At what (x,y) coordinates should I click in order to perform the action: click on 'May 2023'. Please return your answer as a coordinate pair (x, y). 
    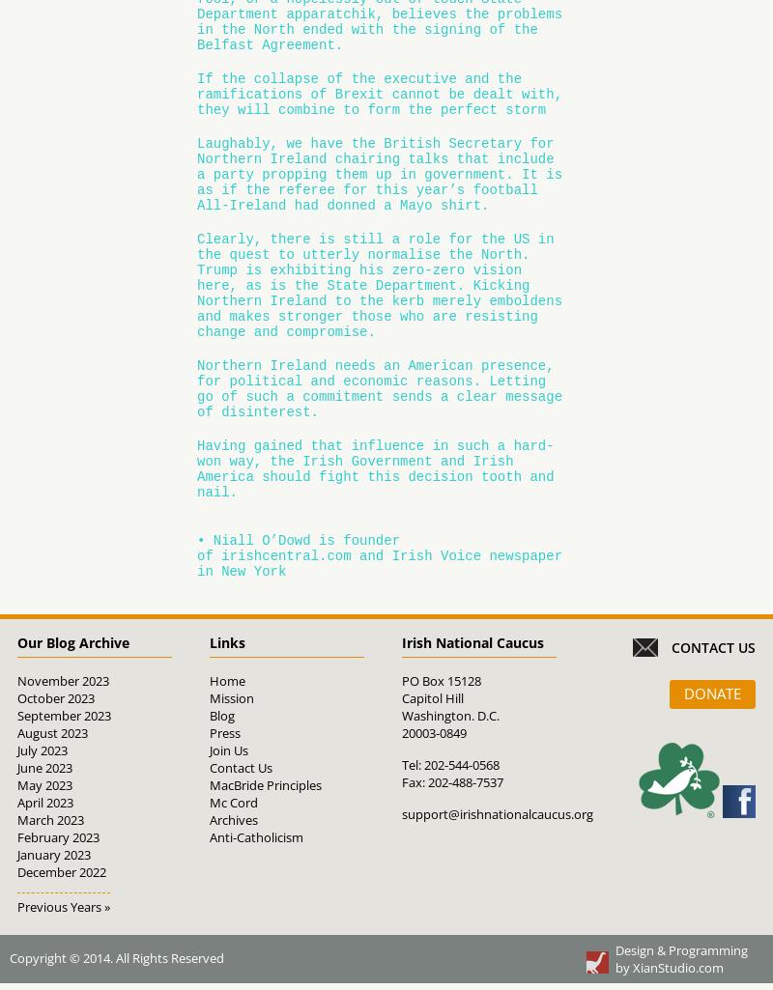
    Looking at the image, I should click on (43, 783).